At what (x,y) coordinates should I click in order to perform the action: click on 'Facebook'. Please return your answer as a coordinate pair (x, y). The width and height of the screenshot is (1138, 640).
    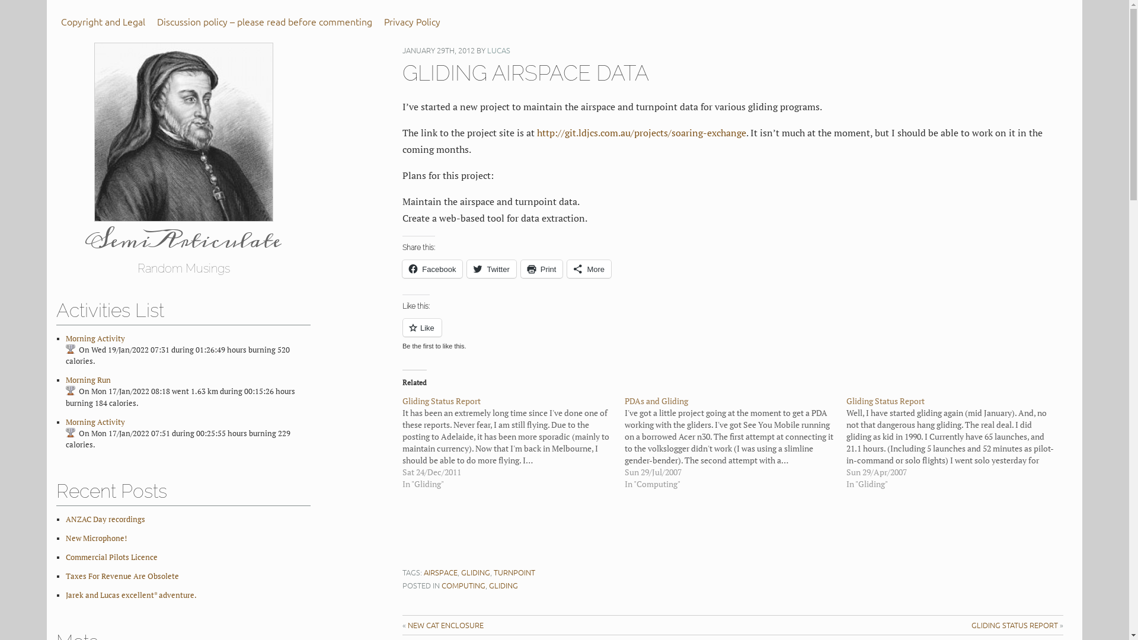
    Looking at the image, I should click on (431, 269).